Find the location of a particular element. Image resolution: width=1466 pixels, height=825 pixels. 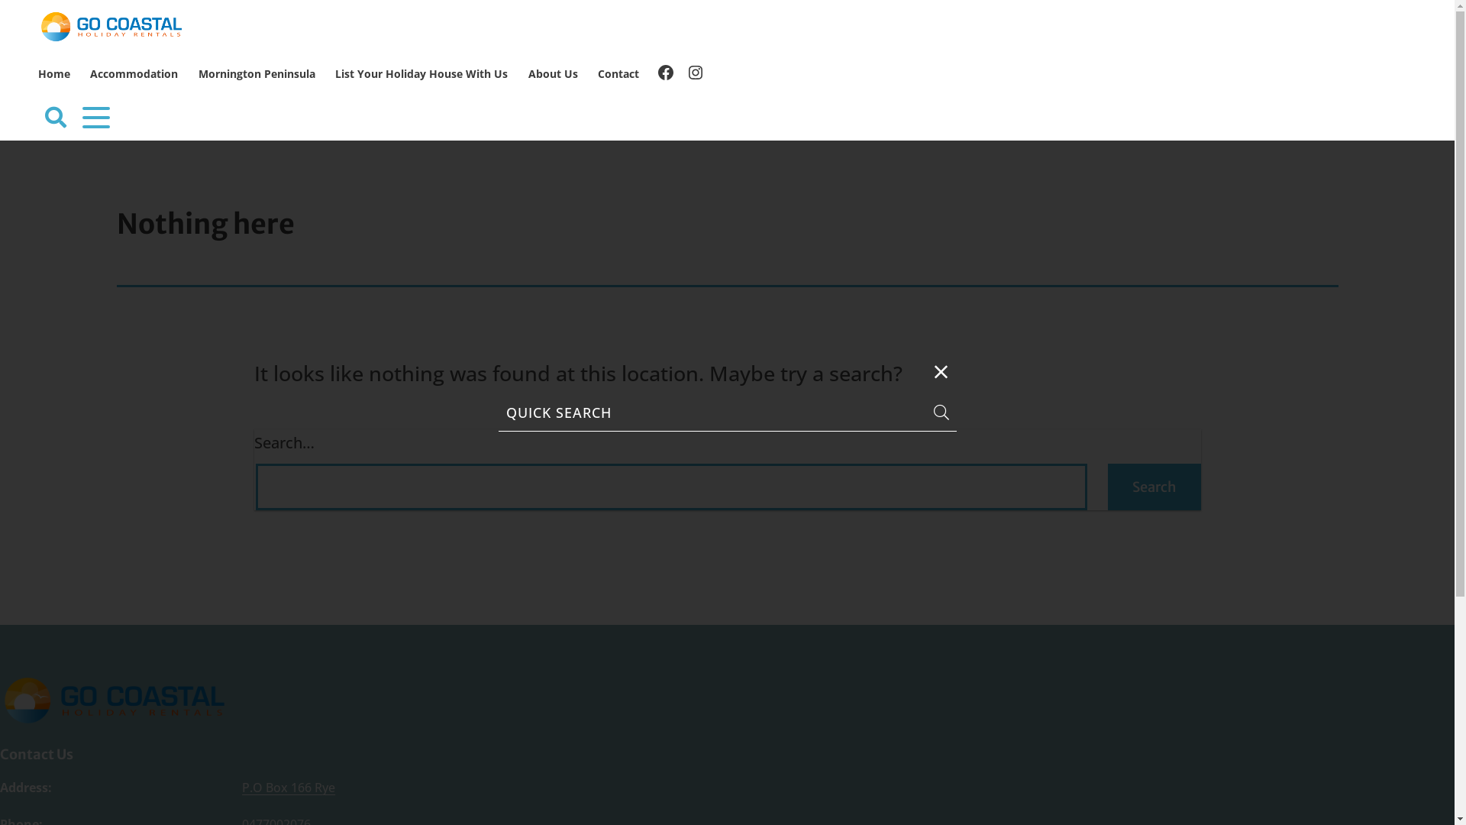

'Facebook' is located at coordinates (666, 73).